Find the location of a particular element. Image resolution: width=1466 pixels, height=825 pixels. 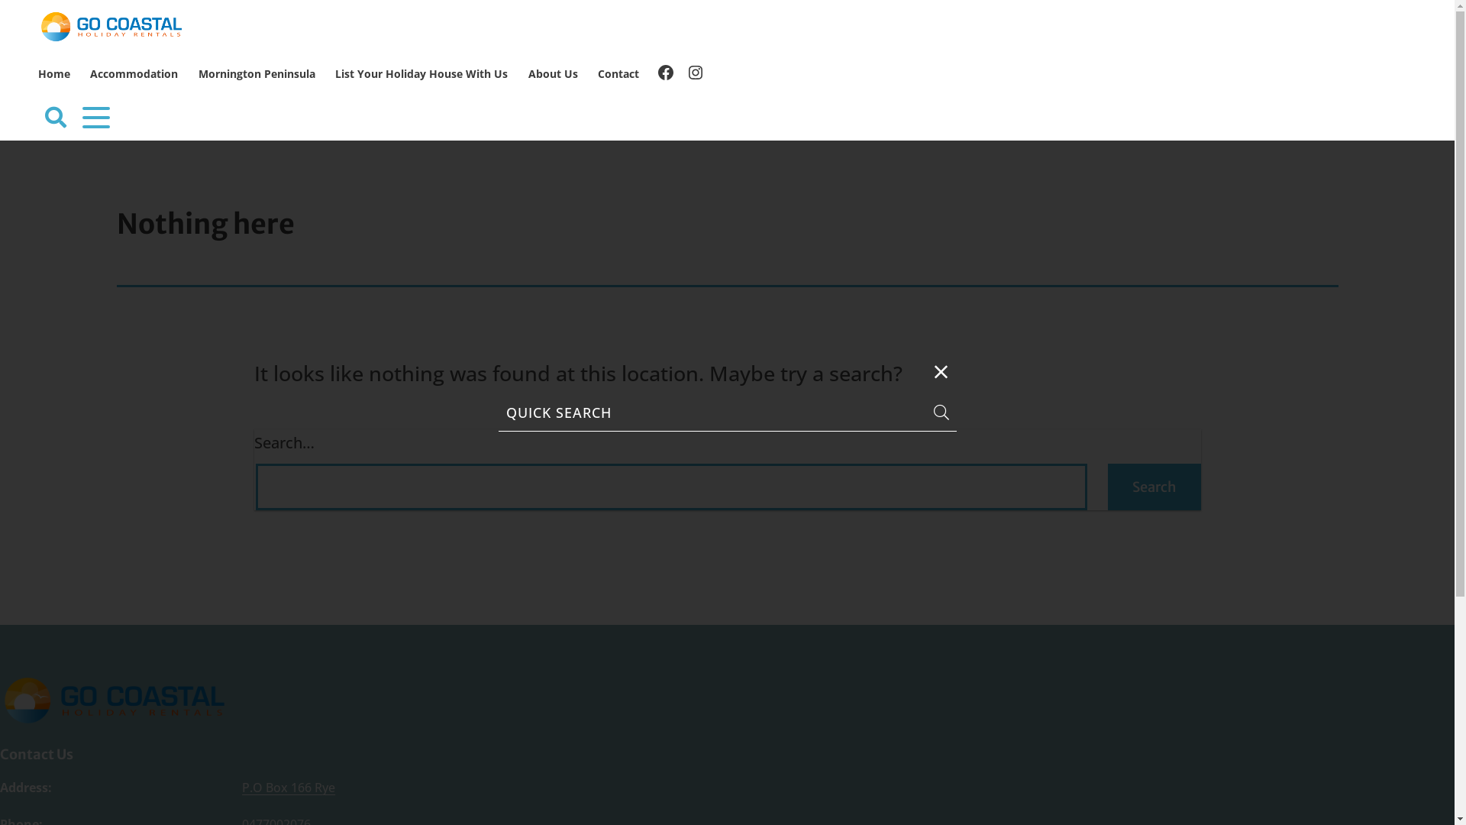

'Facebook' is located at coordinates (666, 73).